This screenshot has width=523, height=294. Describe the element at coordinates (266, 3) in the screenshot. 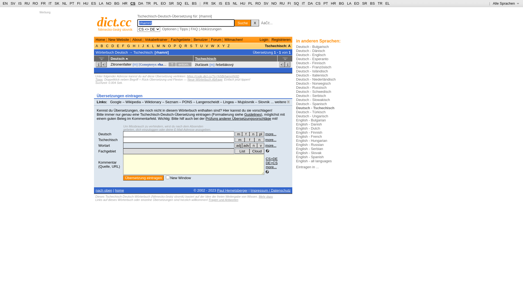

I see `'SV'` at that location.